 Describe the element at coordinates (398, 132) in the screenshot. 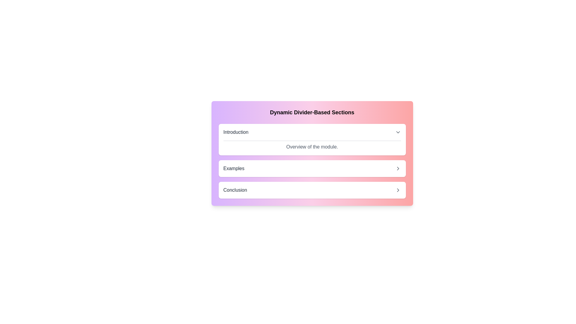

I see `the Dropdown toggle icon located to the right of the 'Introduction' text` at that location.